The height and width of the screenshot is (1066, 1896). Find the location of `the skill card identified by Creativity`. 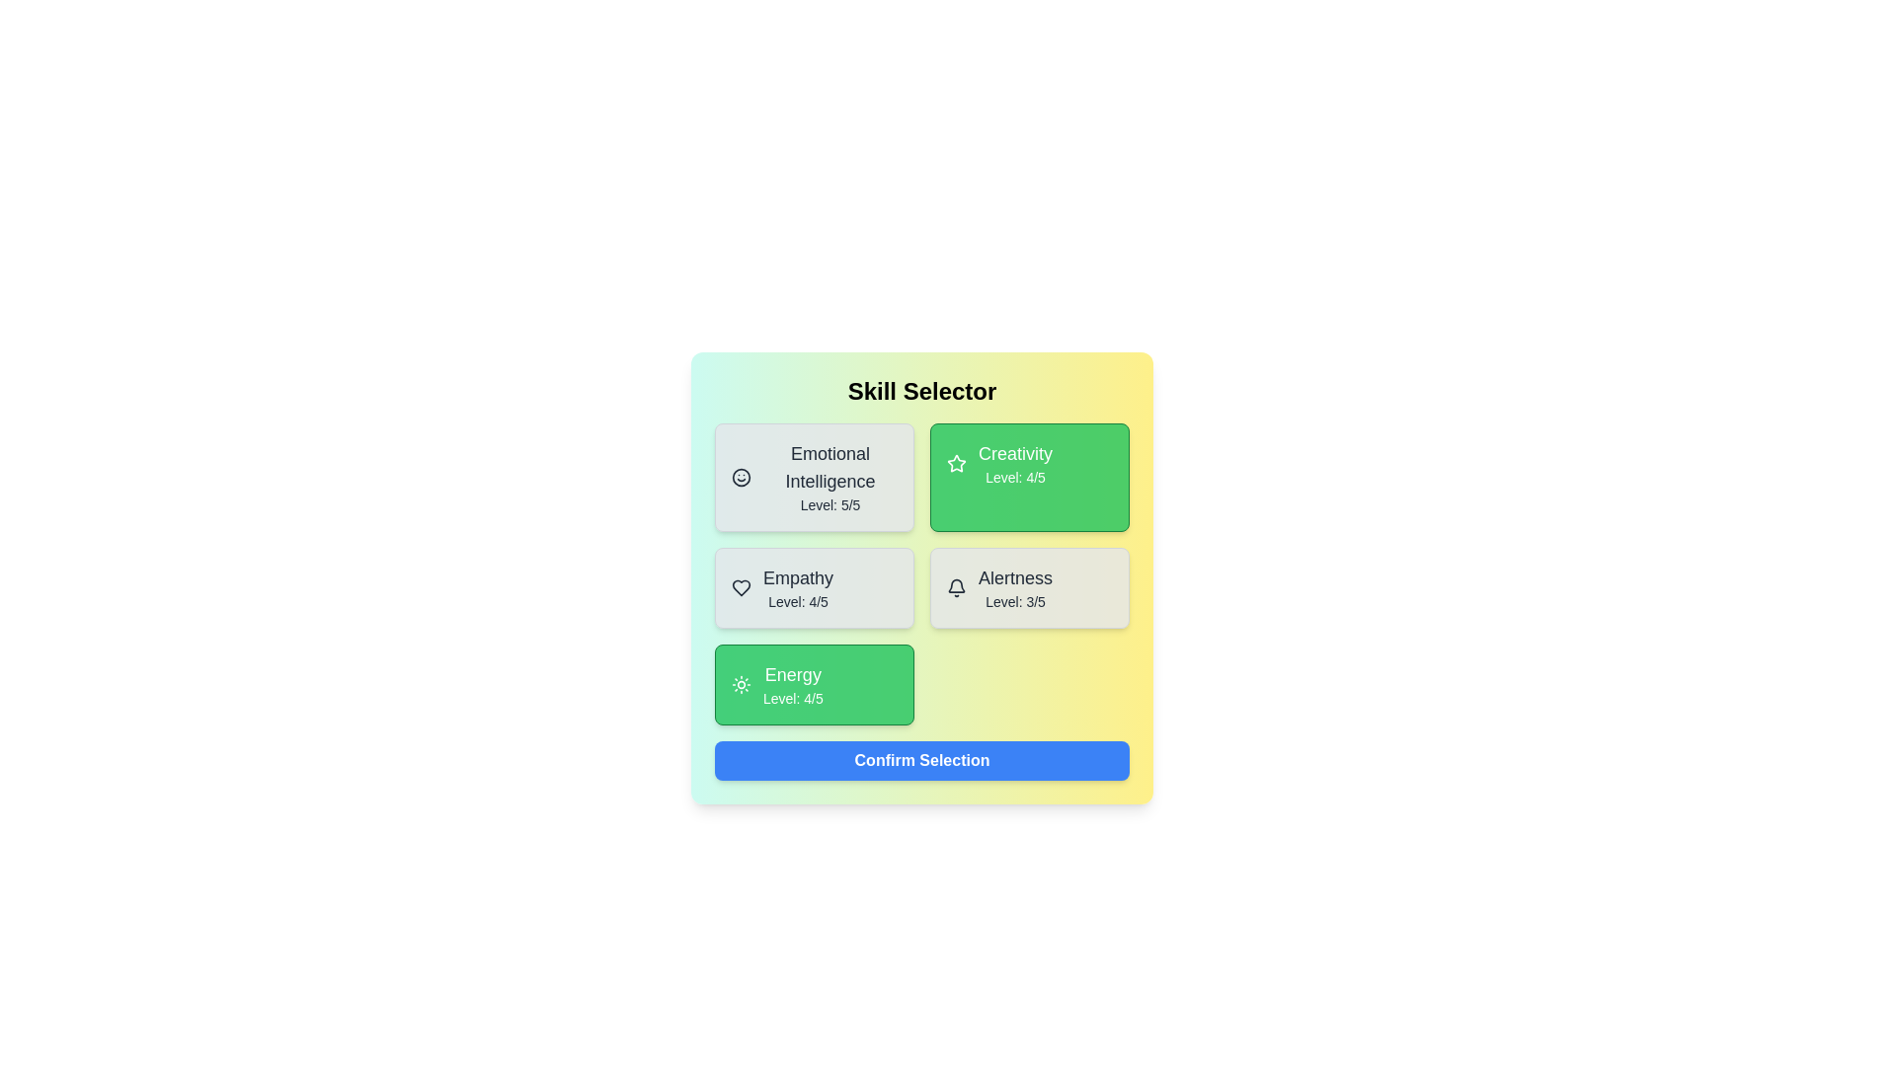

the skill card identified by Creativity is located at coordinates (1028, 477).